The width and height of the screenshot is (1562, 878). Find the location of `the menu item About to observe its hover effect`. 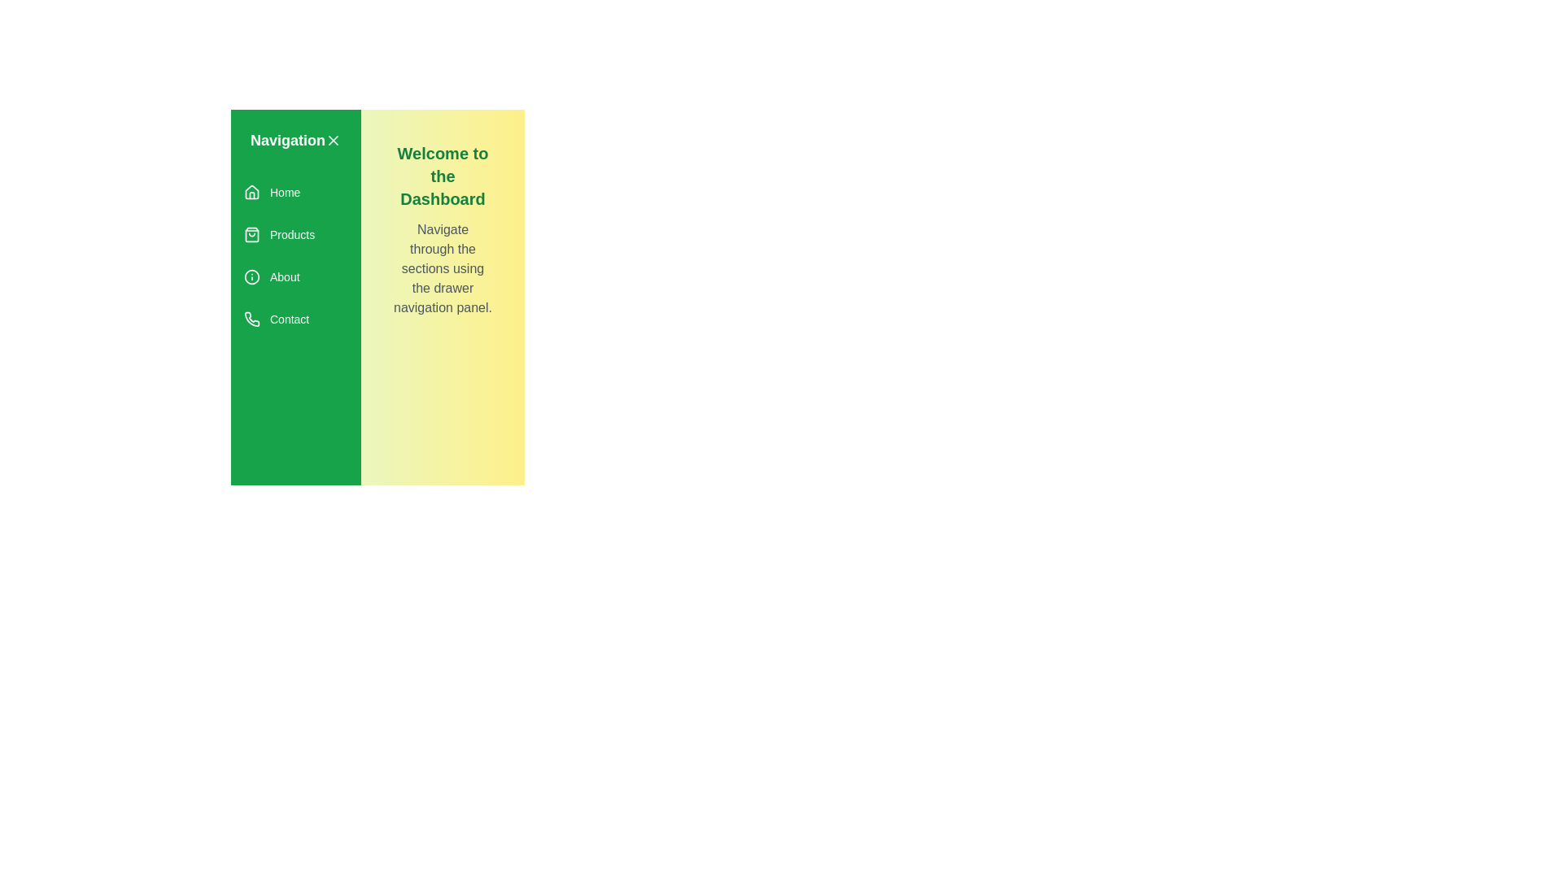

the menu item About to observe its hover effect is located at coordinates (296, 276).